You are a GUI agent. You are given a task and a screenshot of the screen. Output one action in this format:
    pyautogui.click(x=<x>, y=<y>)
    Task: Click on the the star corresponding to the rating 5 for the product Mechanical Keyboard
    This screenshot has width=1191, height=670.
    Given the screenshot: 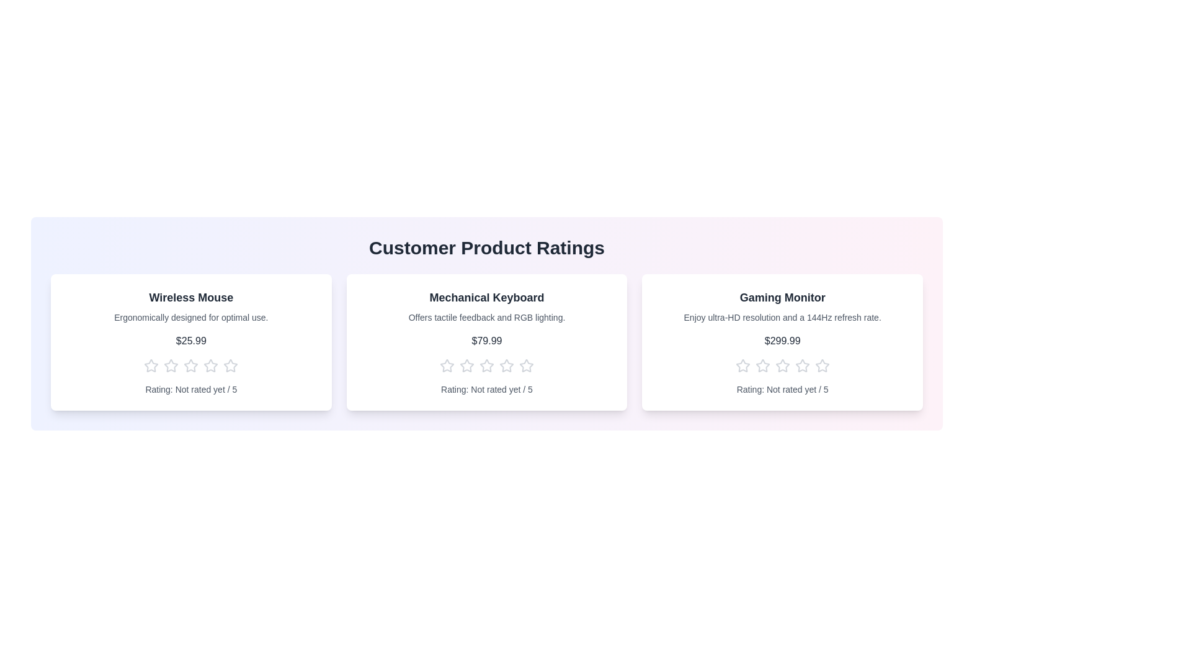 What is the action you would take?
    pyautogui.click(x=526, y=365)
    